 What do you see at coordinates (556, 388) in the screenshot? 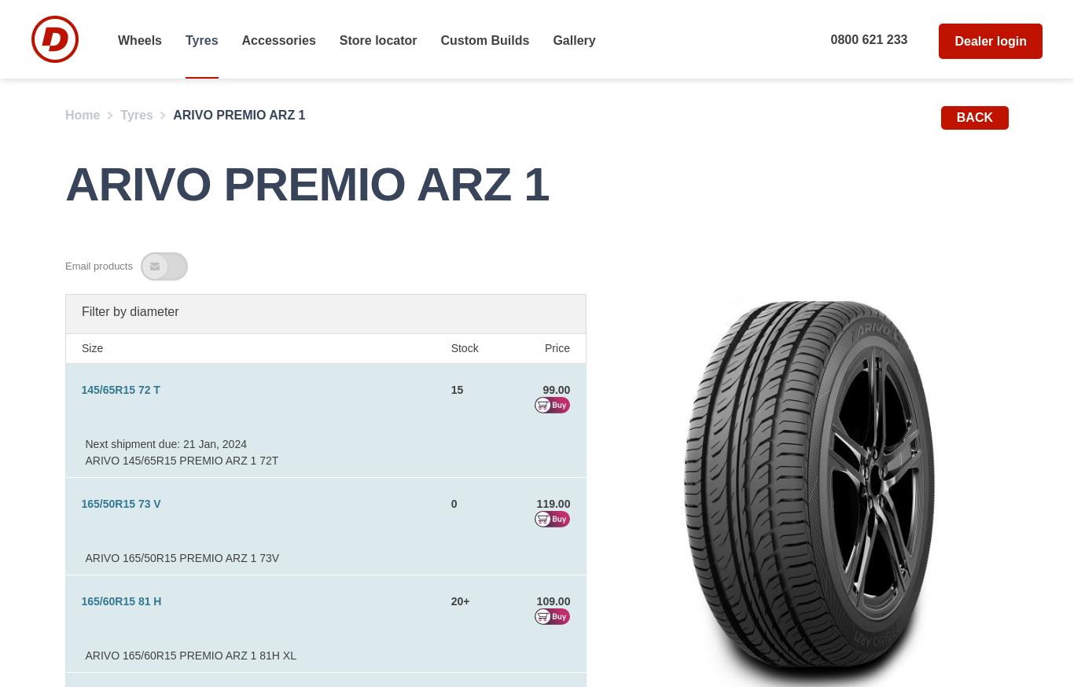
I see `'99.00'` at bounding box center [556, 388].